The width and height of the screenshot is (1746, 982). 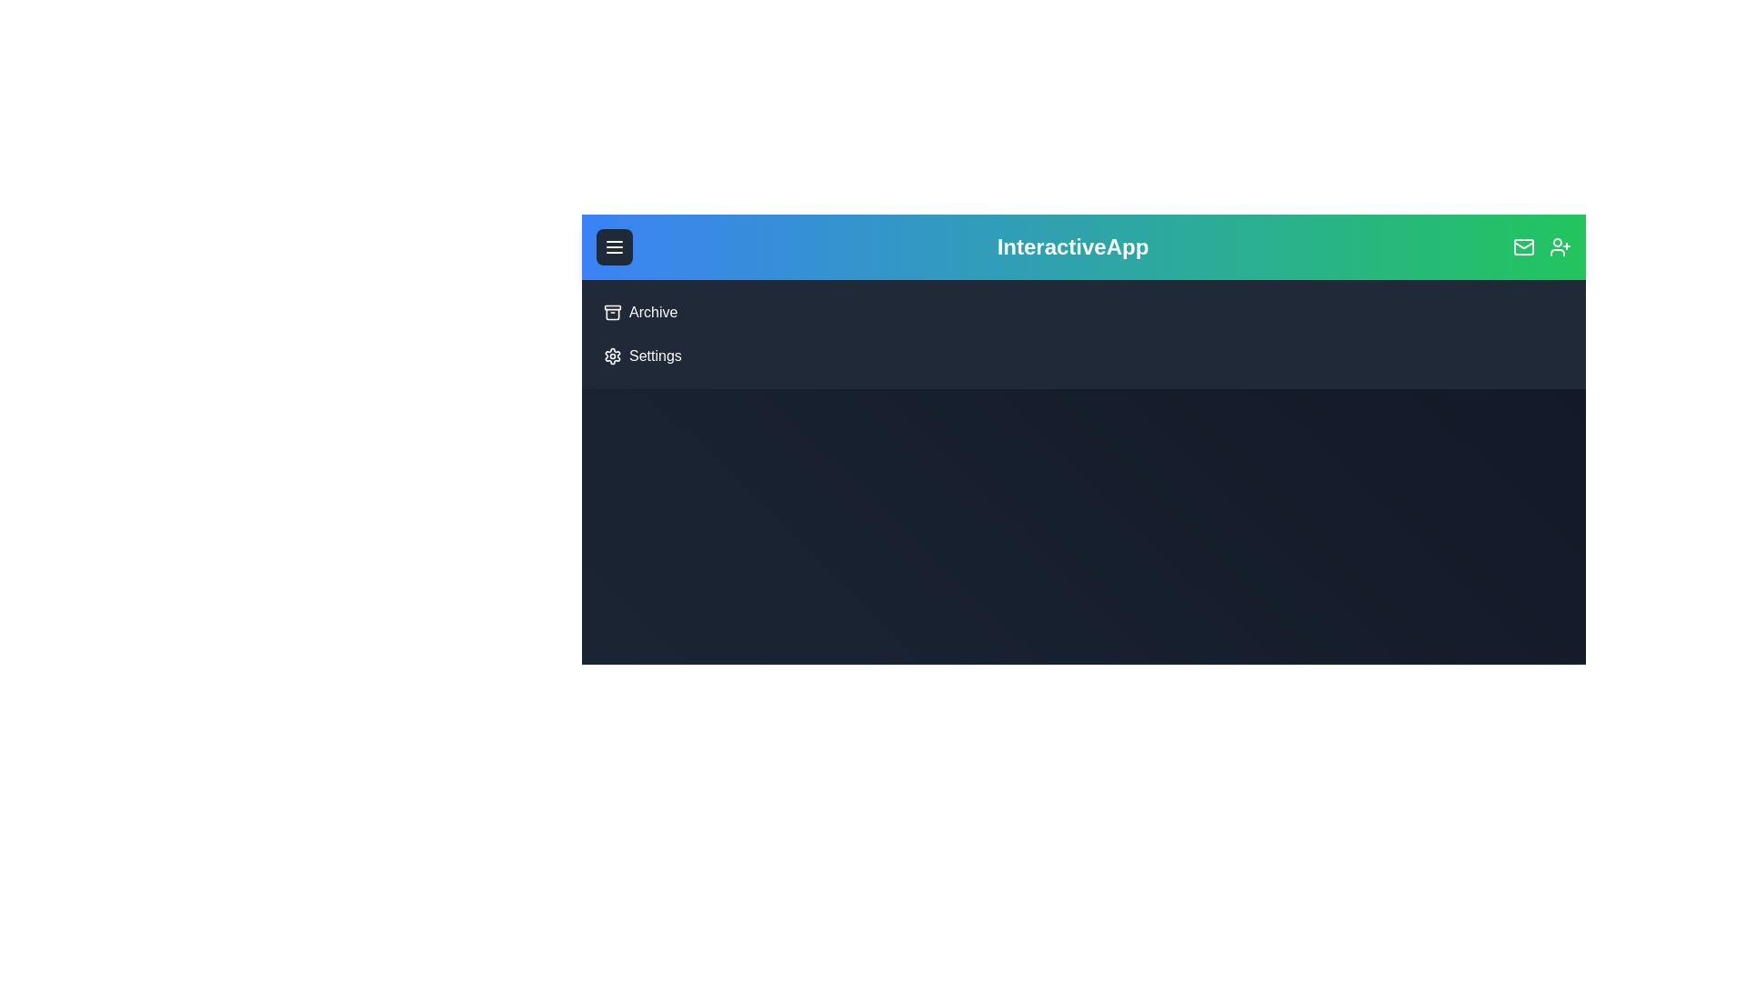 What do you see at coordinates (1560, 247) in the screenshot?
I see `the 'UserPlus' icon in the top-right corner of the app bar` at bounding box center [1560, 247].